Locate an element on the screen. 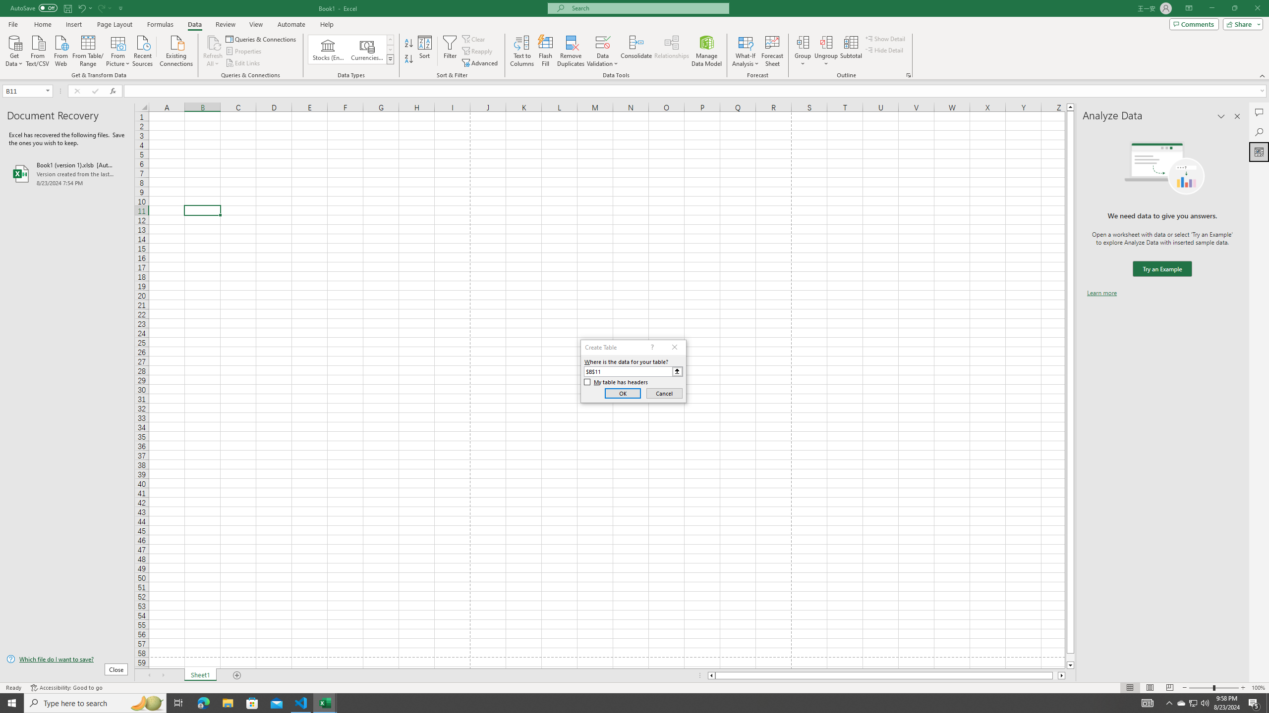 The height and width of the screenshot is (713, 1269). 'From Web' is located at coordinates (60, 50).